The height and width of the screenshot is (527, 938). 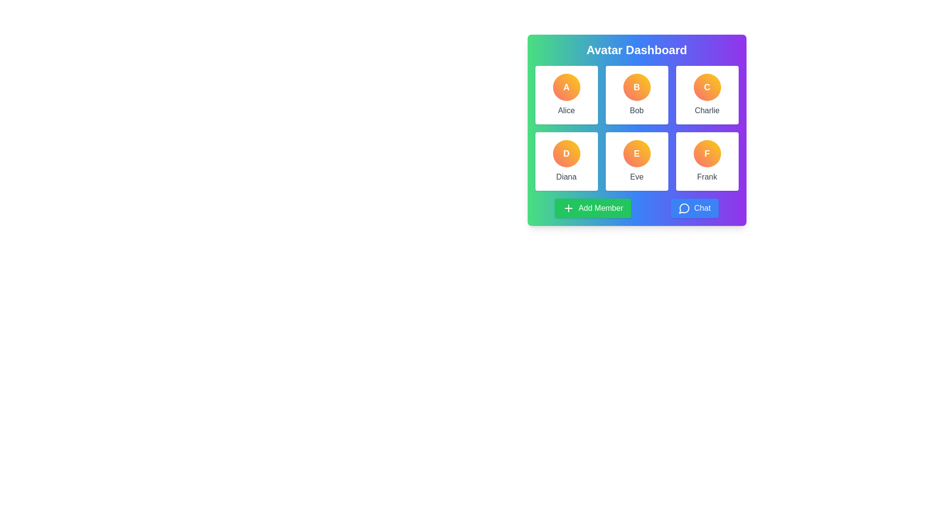 What do you see at coordinates (707, 86) in the screenshot?
I see `the Avatar Icon` at bounding box center [707, 86].